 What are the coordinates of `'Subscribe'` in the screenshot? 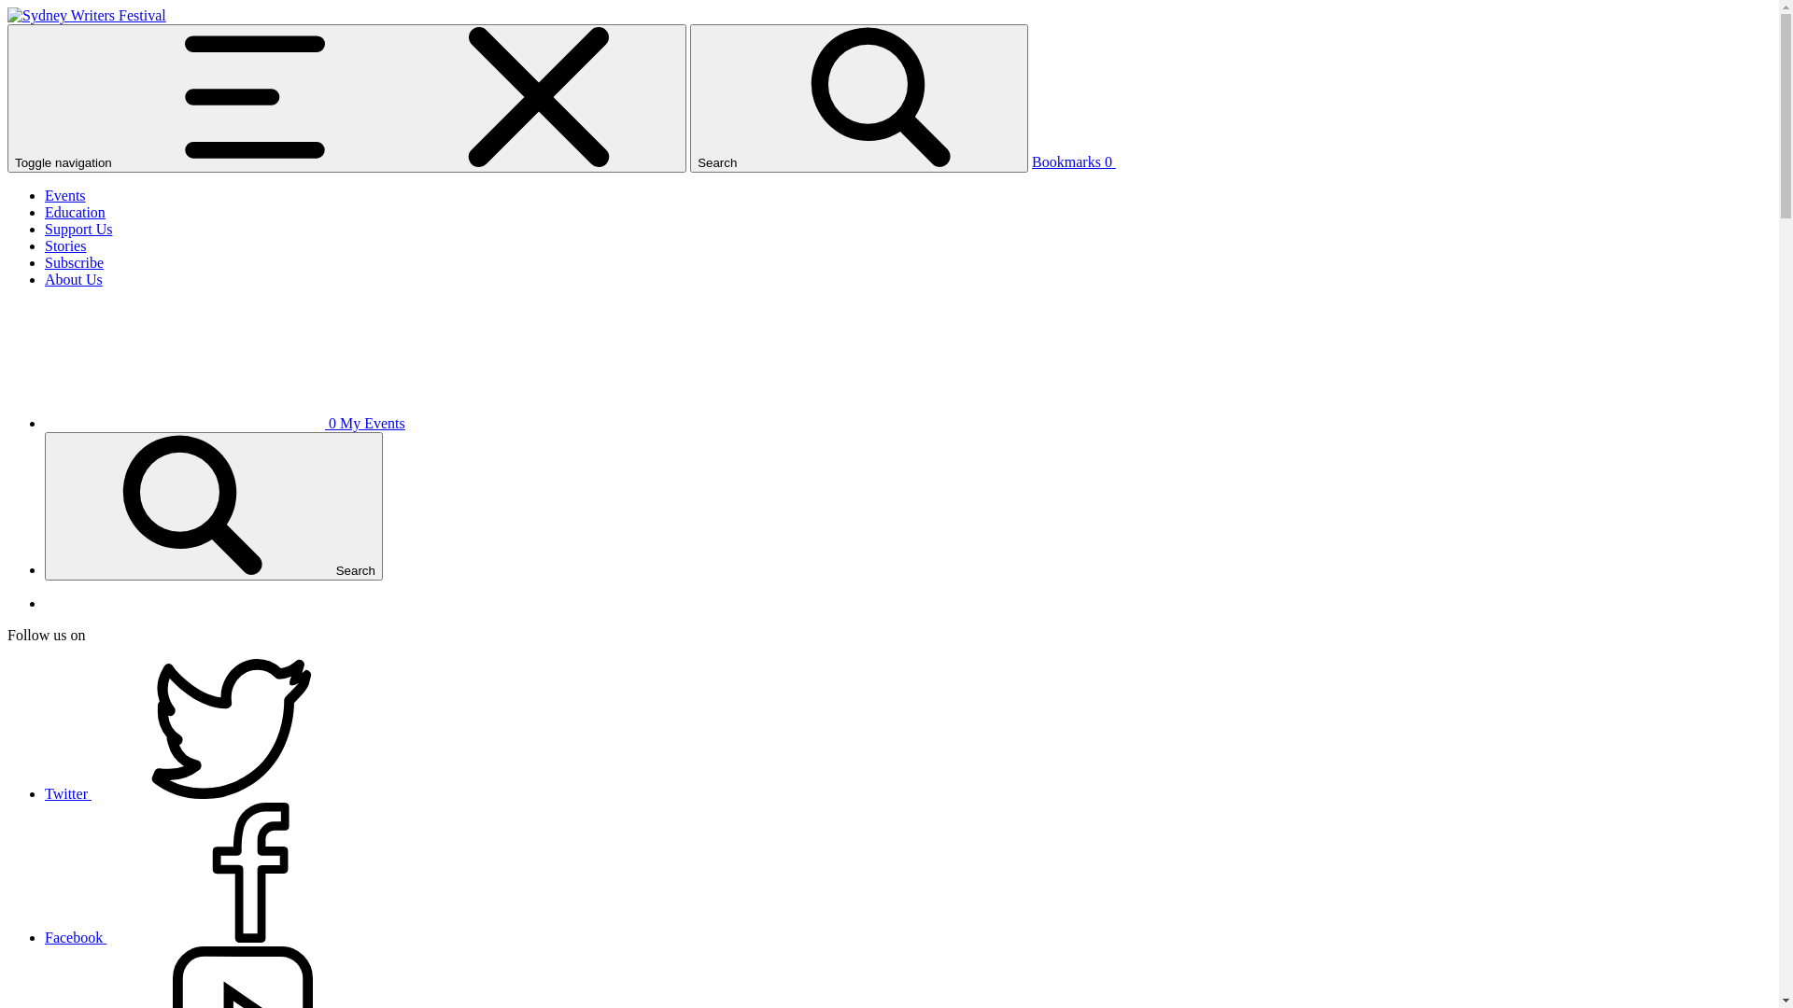 It's located at (74, 262).